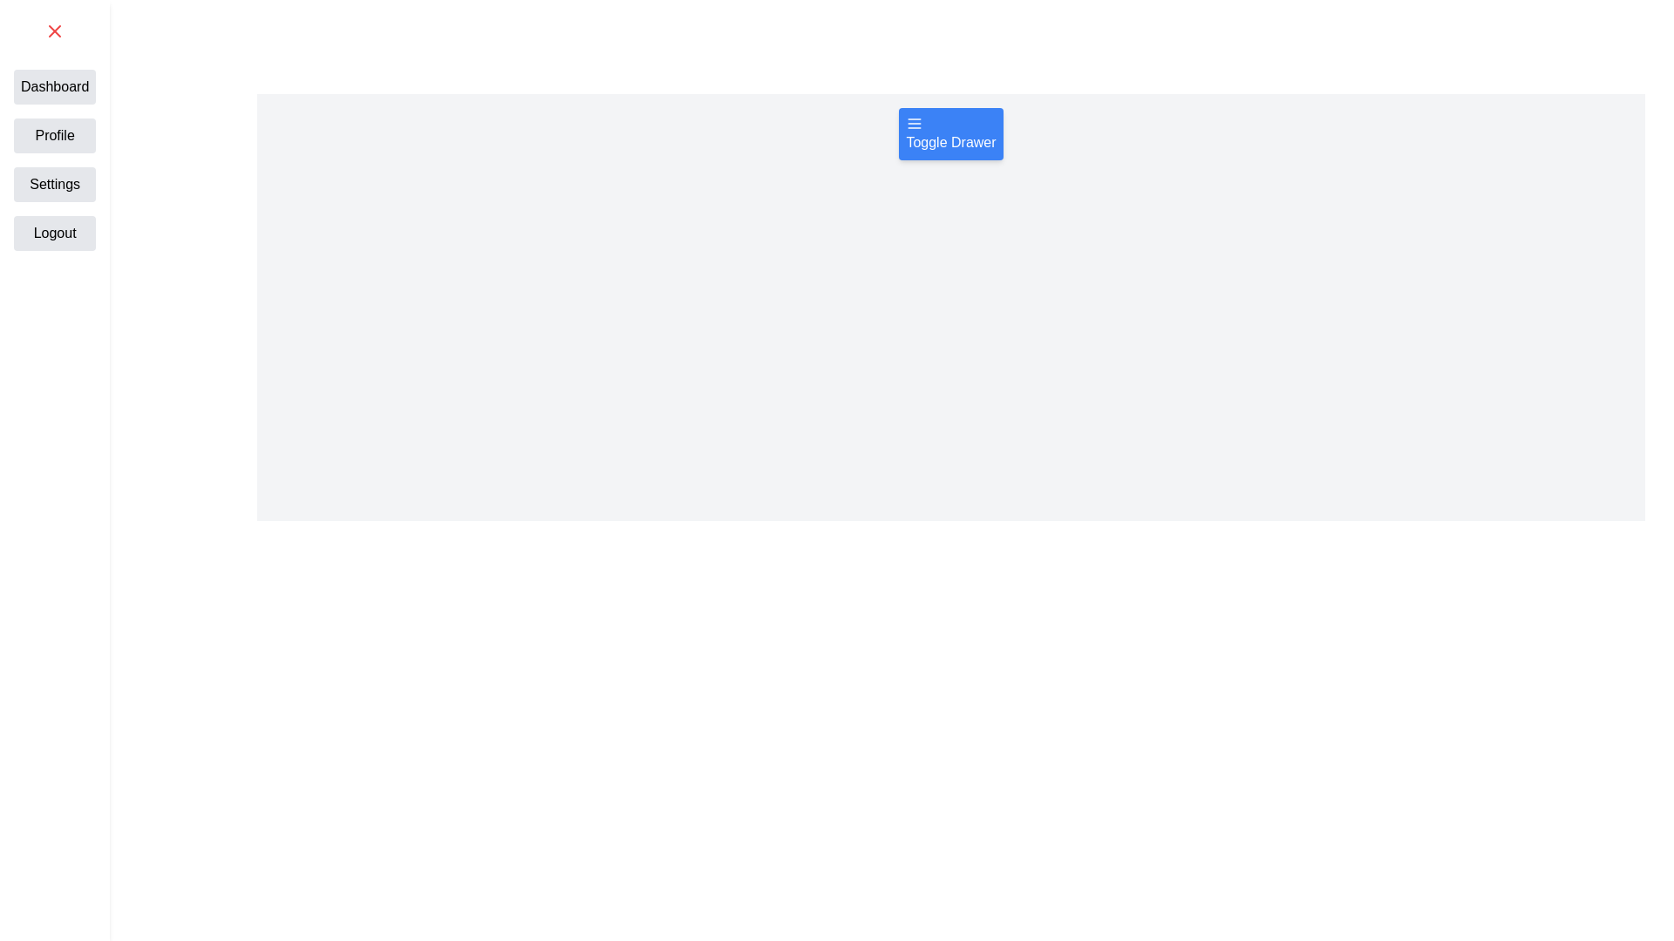 The height and width of the screenshot is (941, 1674). What do you see at coordinates (54, 232) in the screenshot?
I see `the button labeled Logout` at bounding box center [54, 232].